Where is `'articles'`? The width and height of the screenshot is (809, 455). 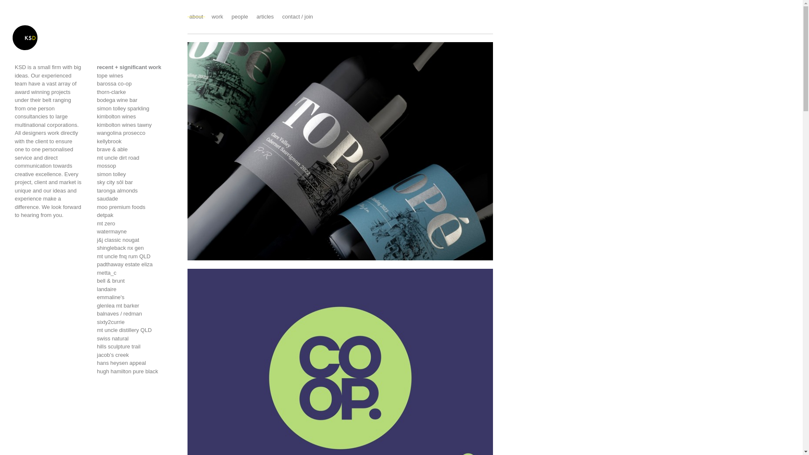
'articles' is located at coordinates (256, 16).